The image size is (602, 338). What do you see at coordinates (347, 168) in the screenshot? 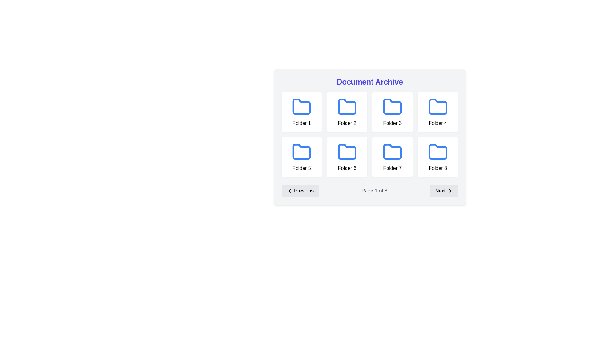
I see `the text label displaying 'Folder 6', which is located in the second row and third column of a 2x4 grid of folder icons` at bounding box center [347, 168].